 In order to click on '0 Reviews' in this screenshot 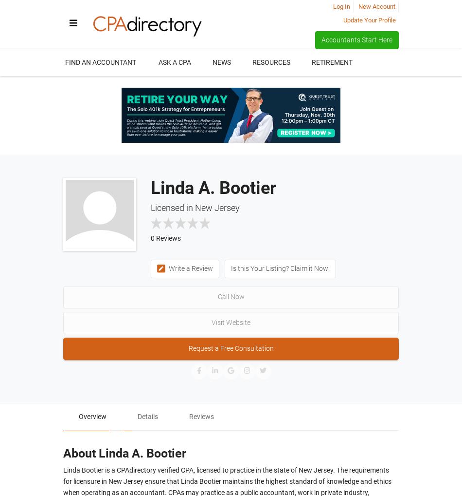, I will do `click(165, 238)`.